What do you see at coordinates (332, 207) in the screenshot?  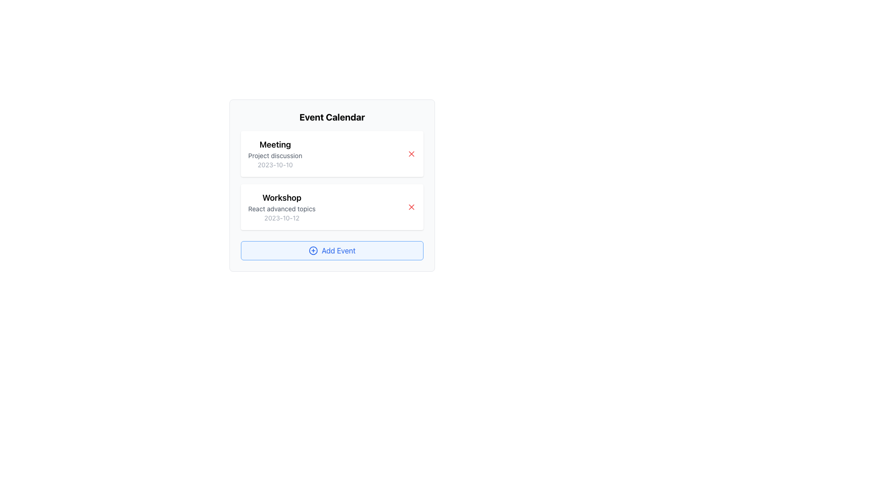 I see `the second card in the vertical stack representing the 'Workshop' event` at bounding box center [332, 207].